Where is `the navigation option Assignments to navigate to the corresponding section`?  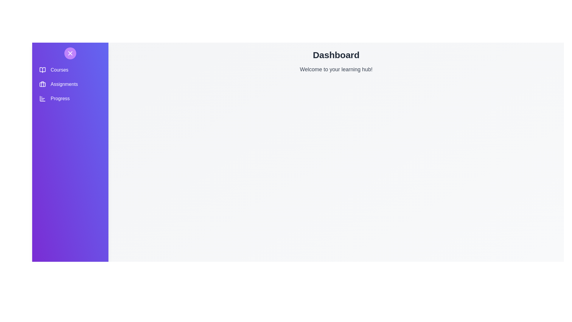
the navigation option Assignments to navigate to the corresponding section is located at coordinates (70, 84).